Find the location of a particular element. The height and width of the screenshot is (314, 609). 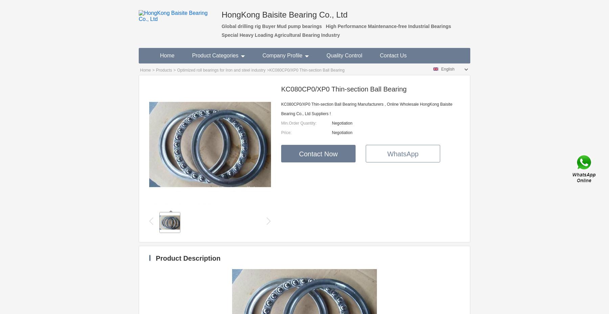

'Global drilling rig Buyer Mud pump bearings' is located at coordinates (271, 26).